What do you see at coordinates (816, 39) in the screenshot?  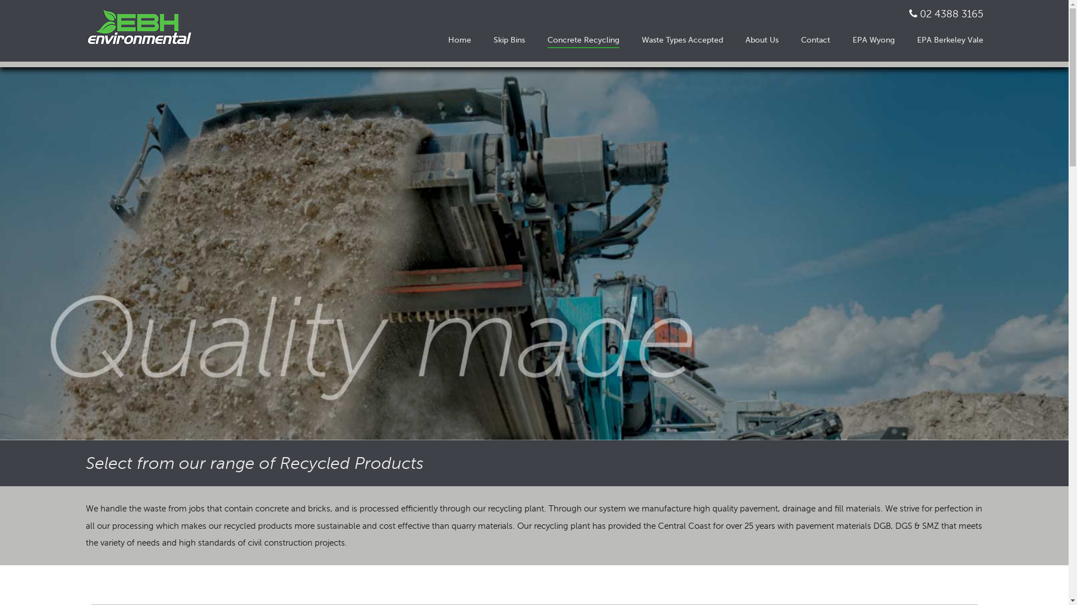 I see `'Contact'` at bounding box center [816, 39].